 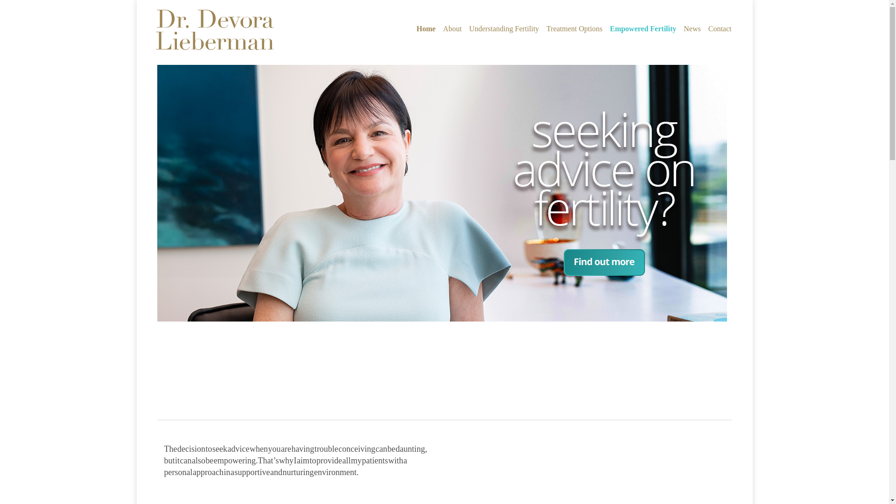 What do you see at coordinates (574, 28) in the screenshot?
I see `'Treatment Options'` at bounding box center [574, 28].